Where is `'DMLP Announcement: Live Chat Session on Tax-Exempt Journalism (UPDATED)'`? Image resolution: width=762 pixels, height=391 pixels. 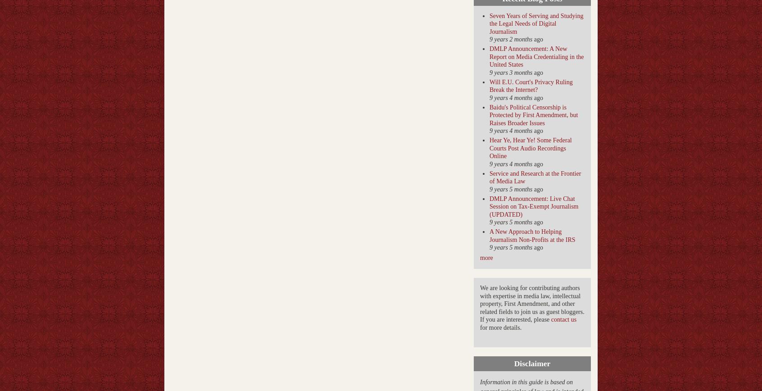
'DMLP Announcement: Live Chat Session on Tax-Exempt Journalism (UPDATED)' is located at coordinates (533, 206).